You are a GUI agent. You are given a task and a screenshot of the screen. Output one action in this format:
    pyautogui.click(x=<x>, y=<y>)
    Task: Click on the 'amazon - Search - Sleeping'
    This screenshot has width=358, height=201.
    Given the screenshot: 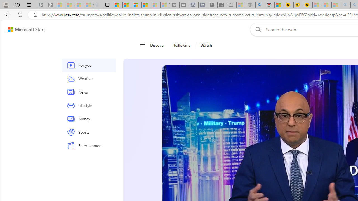 What is the action you would take?
    pyautogui.click(x=345, y=5)
    